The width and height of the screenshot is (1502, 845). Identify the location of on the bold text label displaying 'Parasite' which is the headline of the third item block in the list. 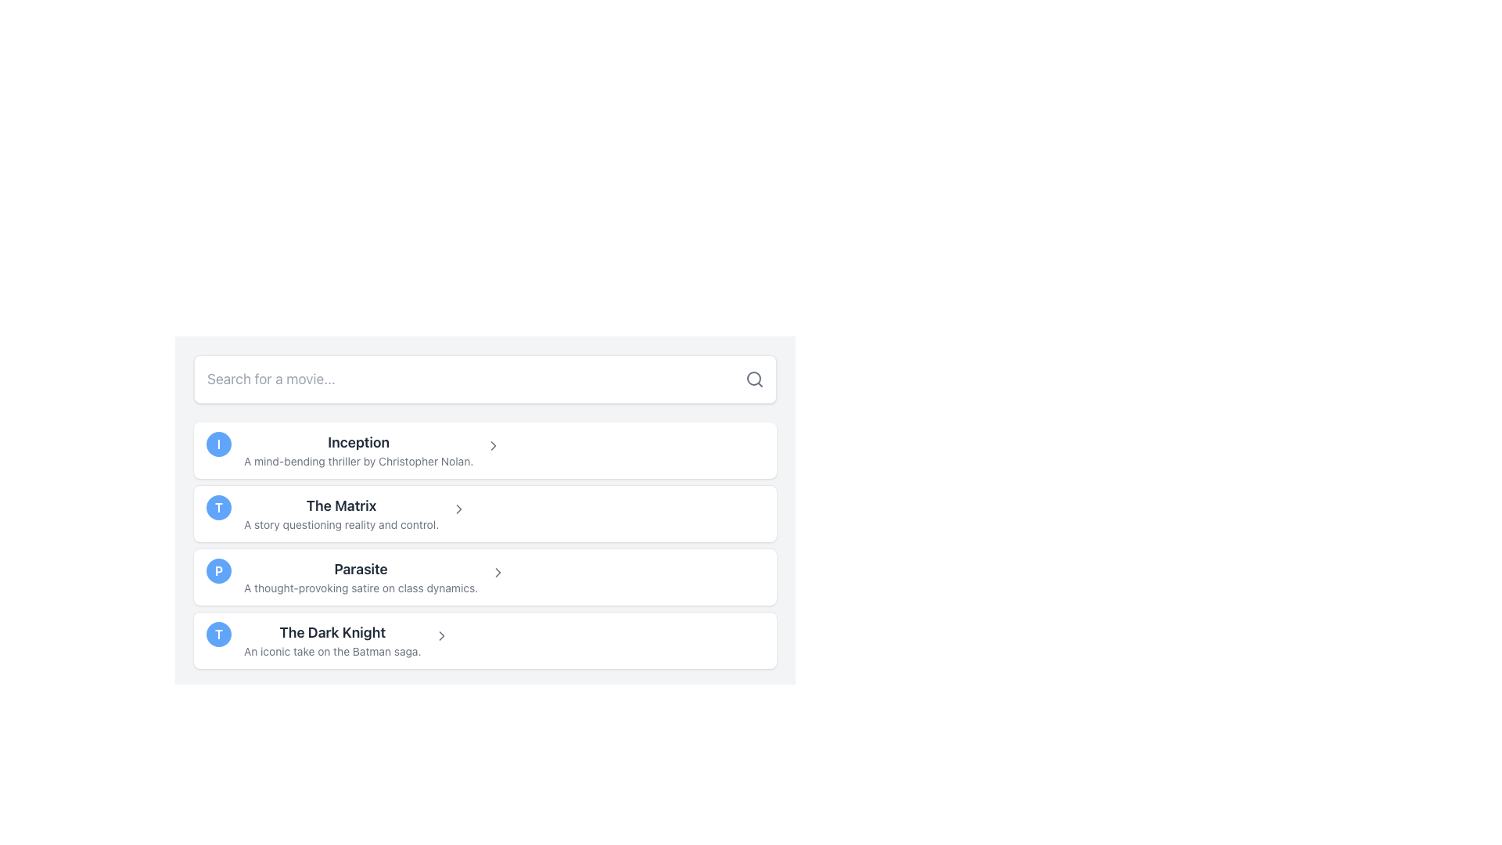
(360, 570).